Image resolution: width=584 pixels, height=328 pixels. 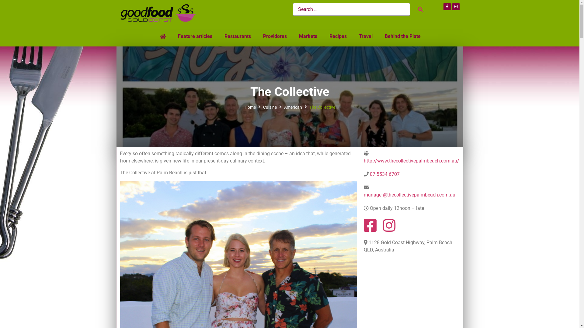 What do you see at coordinates (171, 36) in the screenshot?
I see `'Feature articles'` at bounding box center [171, 36].